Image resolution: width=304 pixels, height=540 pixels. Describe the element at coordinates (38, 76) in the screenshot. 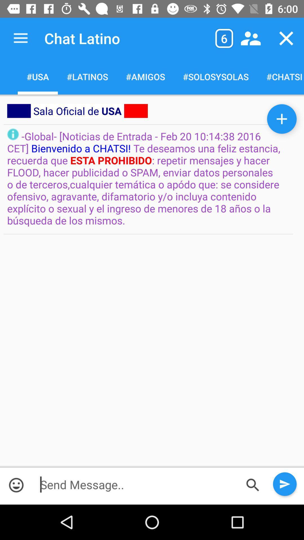

I see `usa` at that location.